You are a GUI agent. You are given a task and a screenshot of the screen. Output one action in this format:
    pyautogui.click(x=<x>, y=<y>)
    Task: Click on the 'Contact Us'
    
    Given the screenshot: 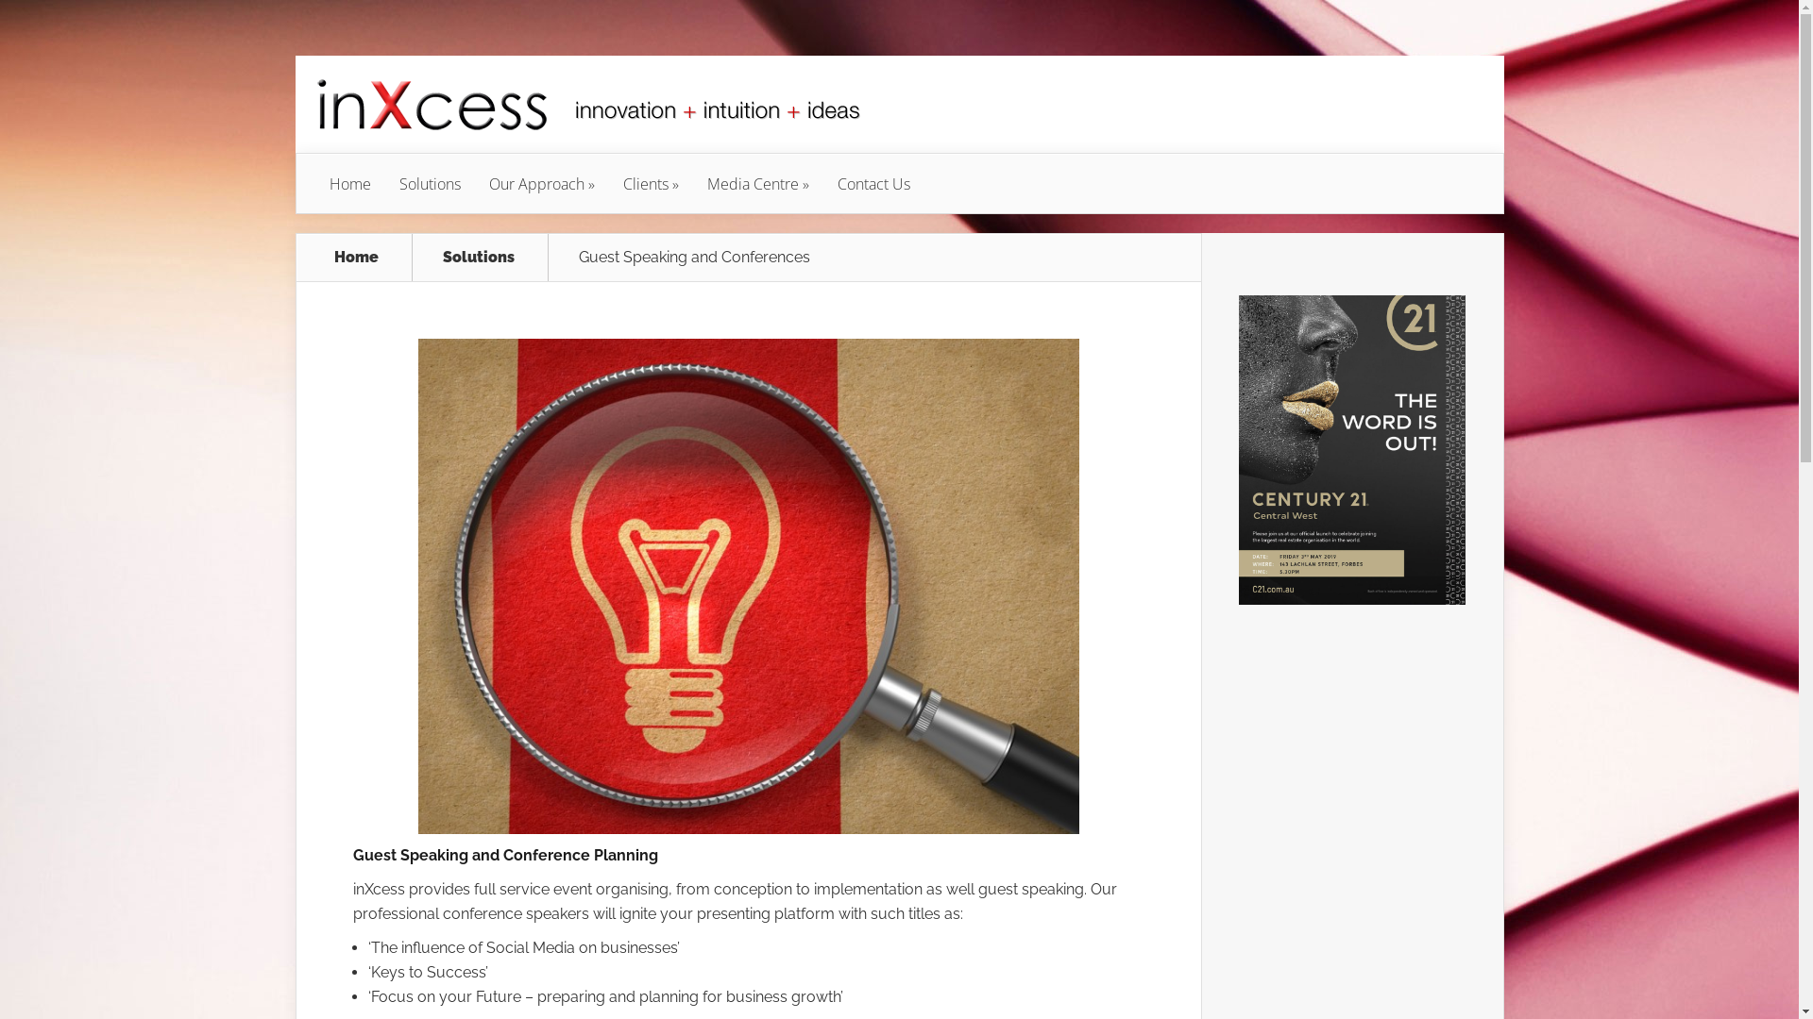 What is the action you would take?
    pyautogui.click(x=873, y=184)
    